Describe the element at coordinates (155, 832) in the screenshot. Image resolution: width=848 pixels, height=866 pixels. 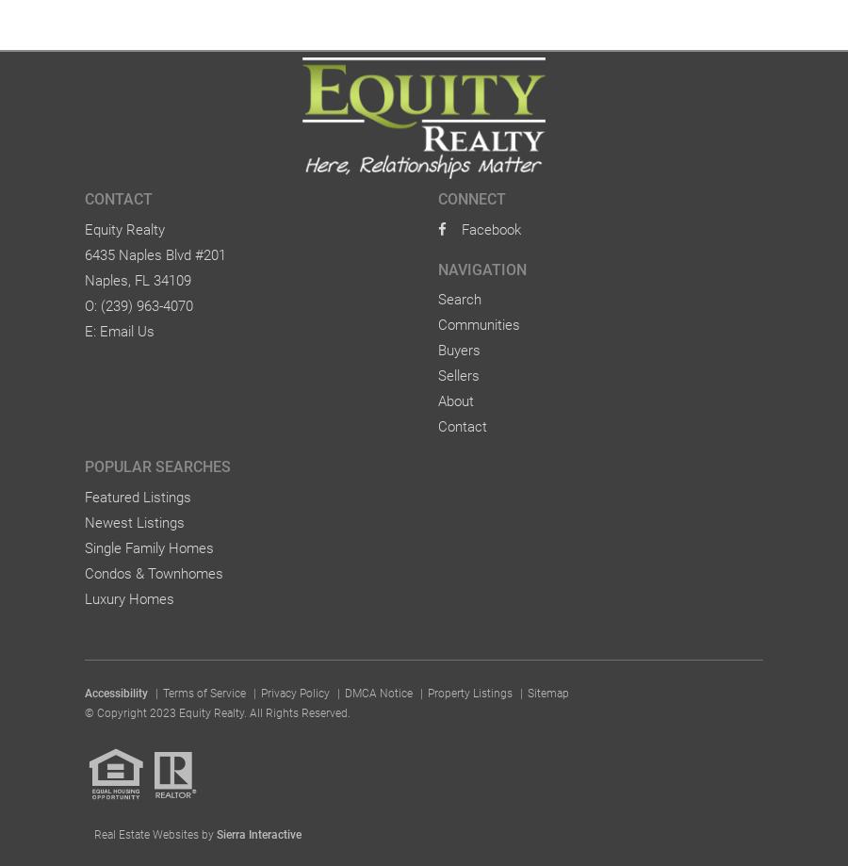
I see `'Real Estate Websites by'` at that location.